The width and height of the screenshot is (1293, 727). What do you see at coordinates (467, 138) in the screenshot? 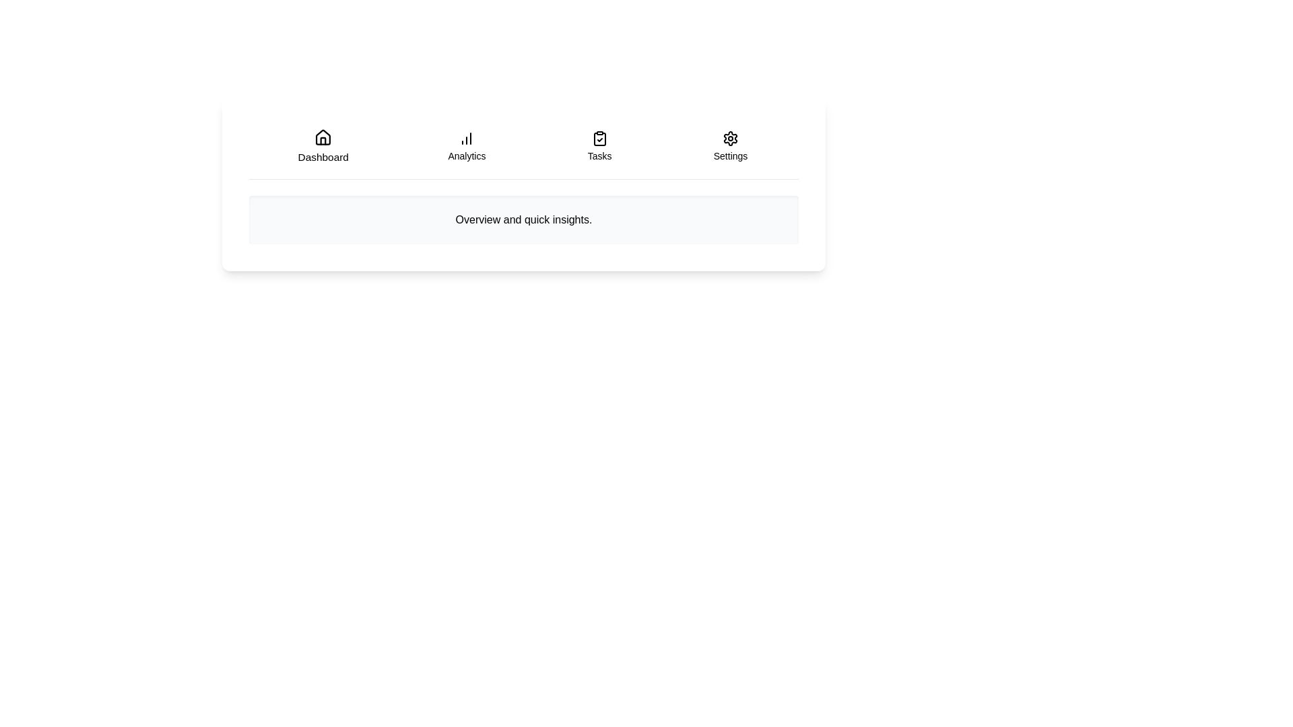
I see `the icon resembling an increasing column chart, which is positioned above the 'Analytics' label in the navigation menu` at bounding box center [467, 138].